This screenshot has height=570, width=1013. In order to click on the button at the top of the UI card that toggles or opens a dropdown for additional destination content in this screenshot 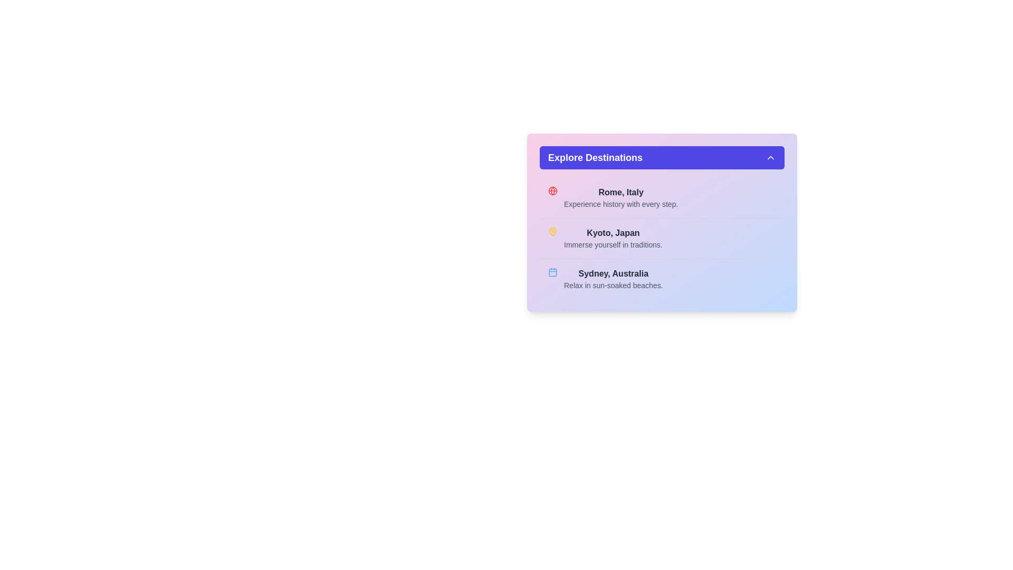, I will do `click(661, 158)`.